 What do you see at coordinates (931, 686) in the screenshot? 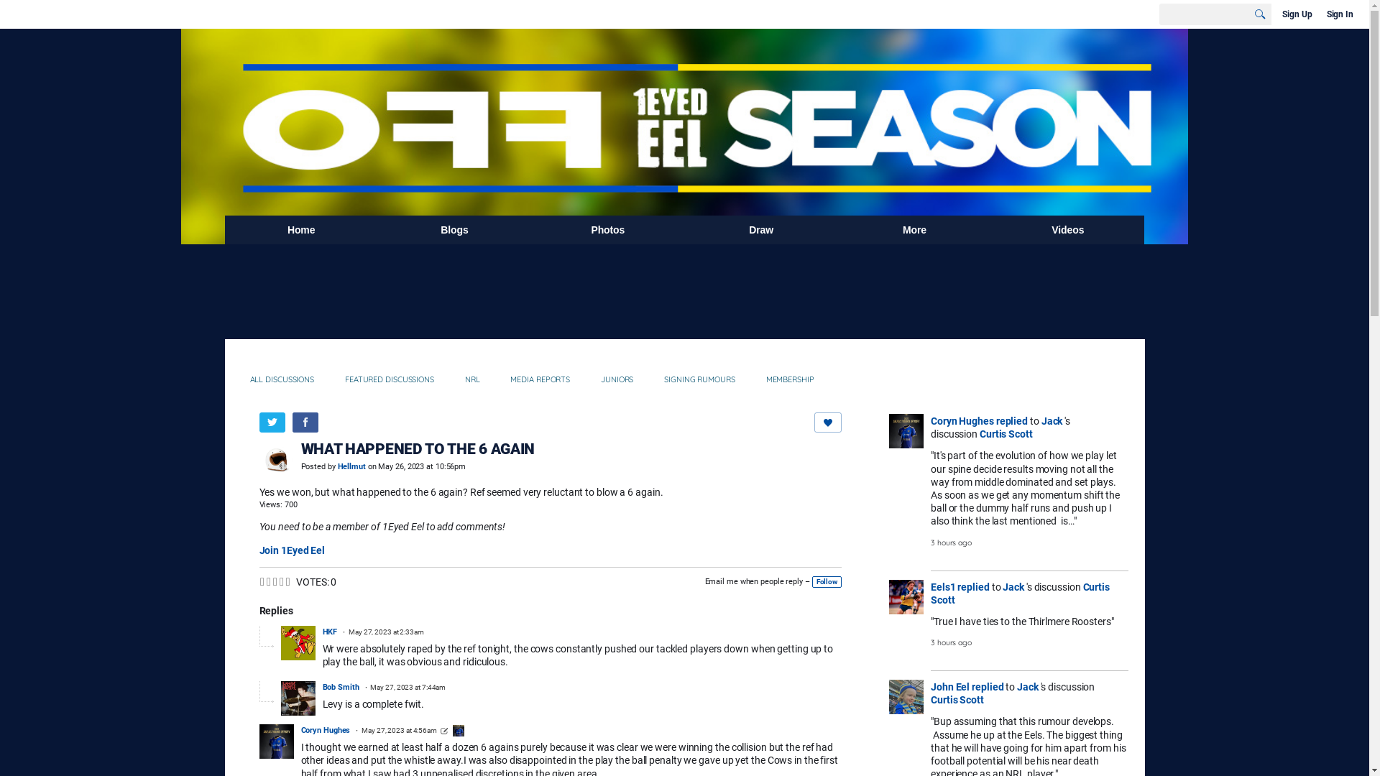
I see `'John Eel'` at bounding box center [931, 686].